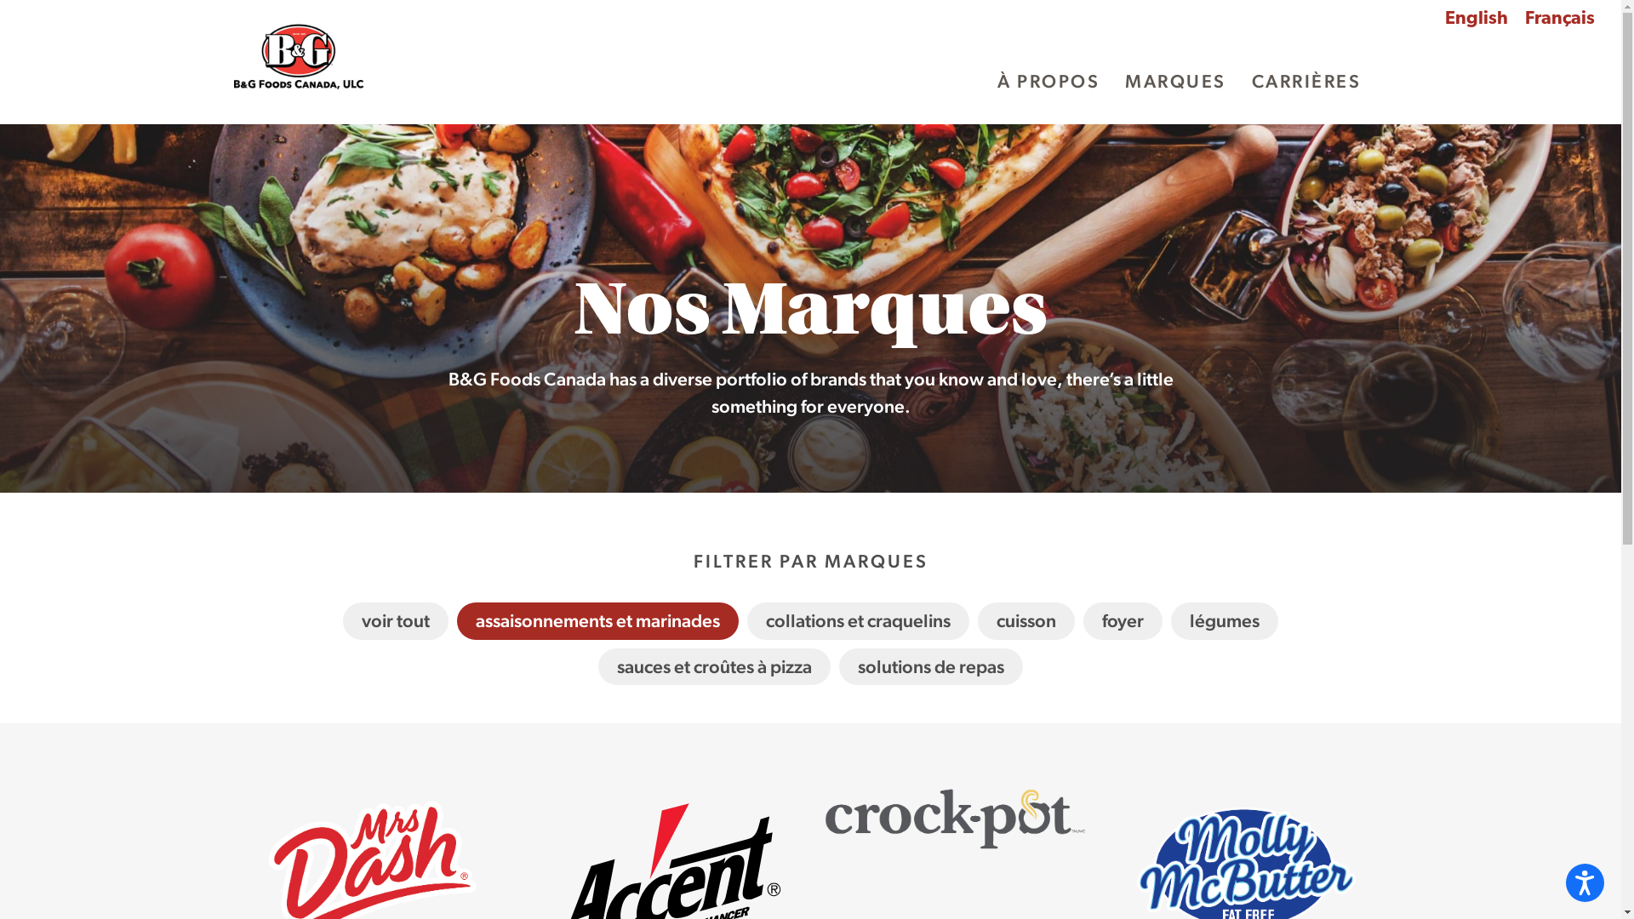  What do you see at coordinates (1179, 82) in the screenshot?
I see `'MARQUES'` at bounding box center [1179, 82].